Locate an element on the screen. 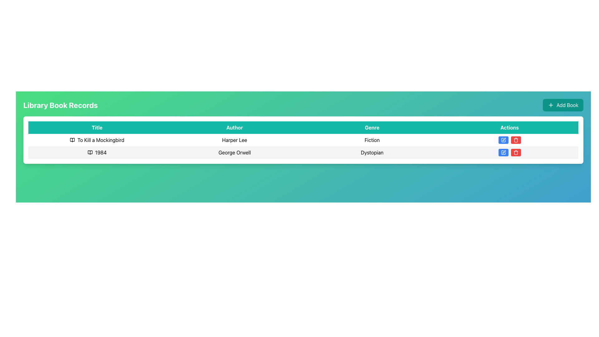 The image size is (599, 337). the edit icon button located in the 'Actions' column of the second row for the book '1984' is located at coordinates (504, 139).